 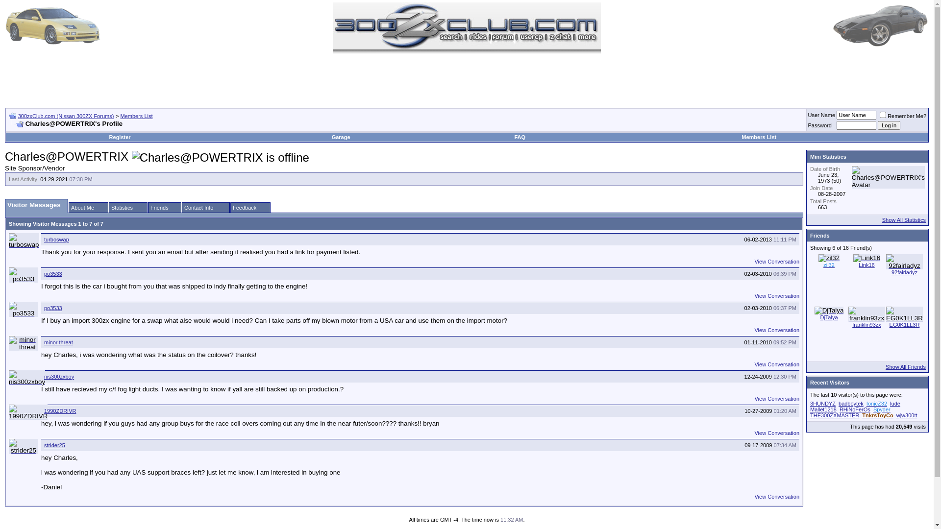 I want to click on 'Link16', so click(x=867, y=258).